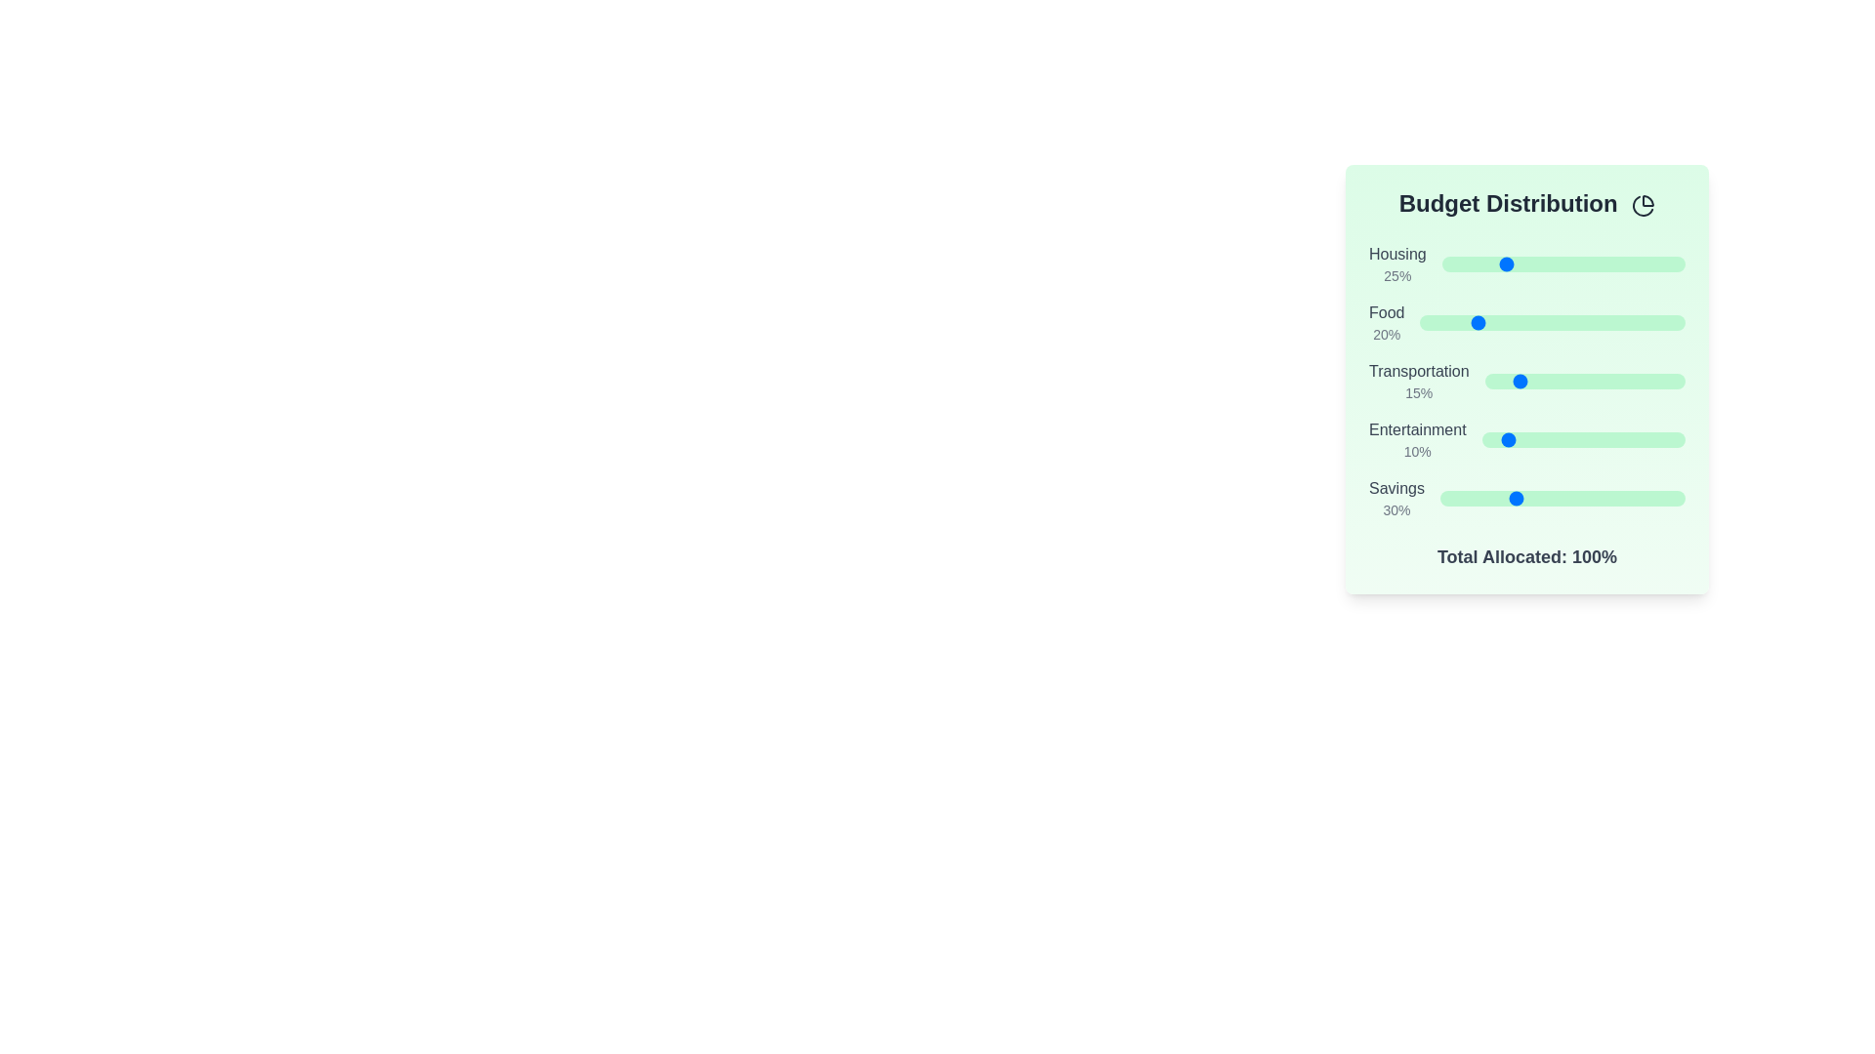 Image resolution: width=1875 pixels, height=1054 pixels. I want to click on the 'Savings' slider to set its value to 21%, so click(1490, 497).